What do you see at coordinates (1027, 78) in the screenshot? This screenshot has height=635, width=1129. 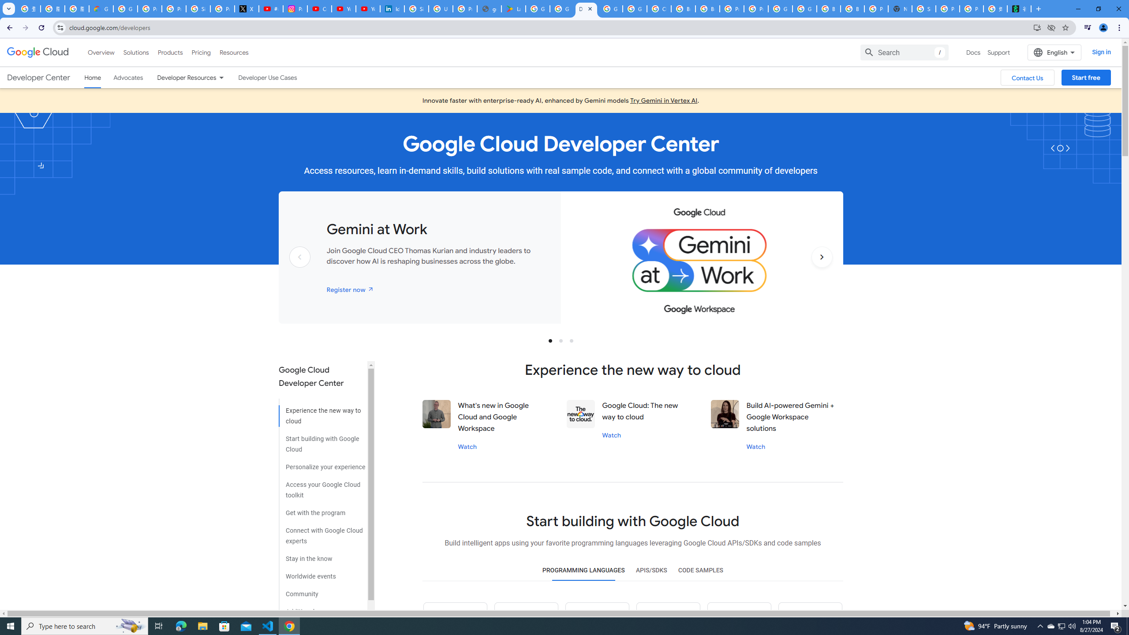 I see `'Contact Us'` at bounding box center [1027, 78].